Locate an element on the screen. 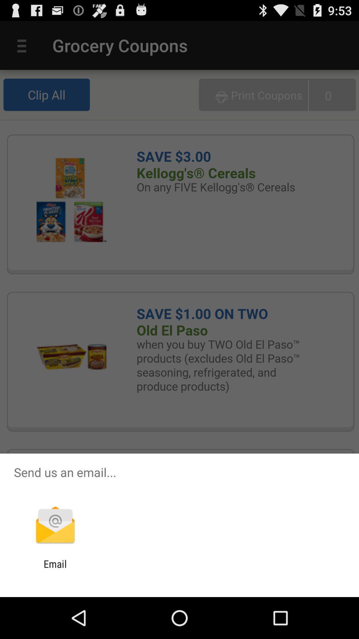 This screenshot has height=639, width=359. the icon above the email item is located at coordinates (55, 526).